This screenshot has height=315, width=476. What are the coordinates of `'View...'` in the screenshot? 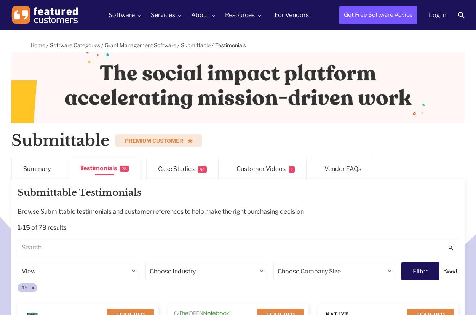 It's located at (30, 271).